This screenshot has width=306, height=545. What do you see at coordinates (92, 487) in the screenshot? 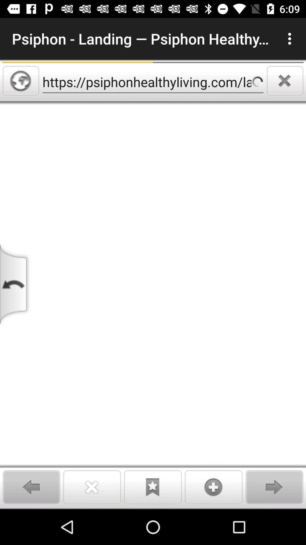
I see `the close icon` at bounding box center [92, 487].